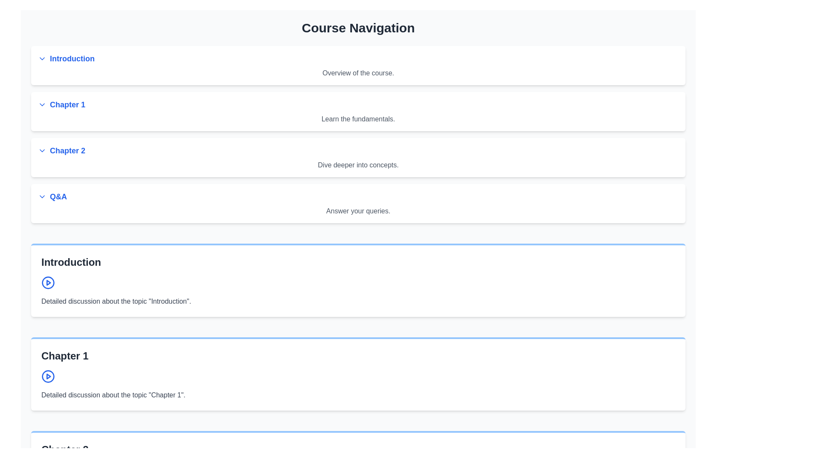  What do you see at coordinates (358, 165) in the screenshot?
I see `the informational text that provides additional context for the 'Chapter 2' link, located directly beneath it in the course navigation interface` at bounding box center [358, 165].